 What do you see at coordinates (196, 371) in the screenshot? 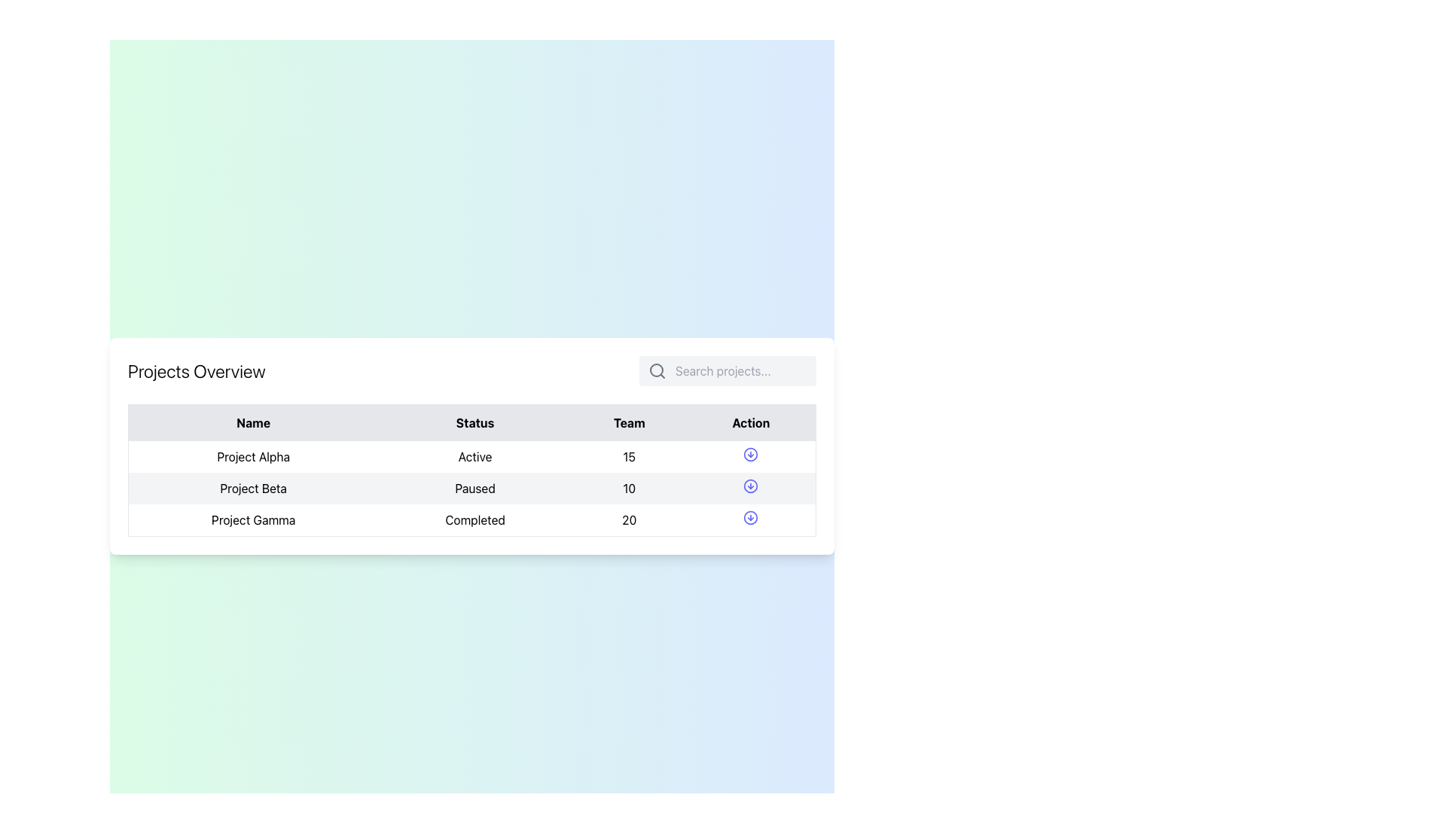
I see `text label displaying 'Projects Overview', which is styled as a title or header and located at the top left of the section` at bounding box center [196, 371].